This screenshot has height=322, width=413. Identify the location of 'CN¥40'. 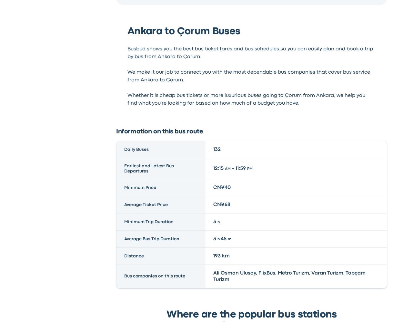
(213, 187).